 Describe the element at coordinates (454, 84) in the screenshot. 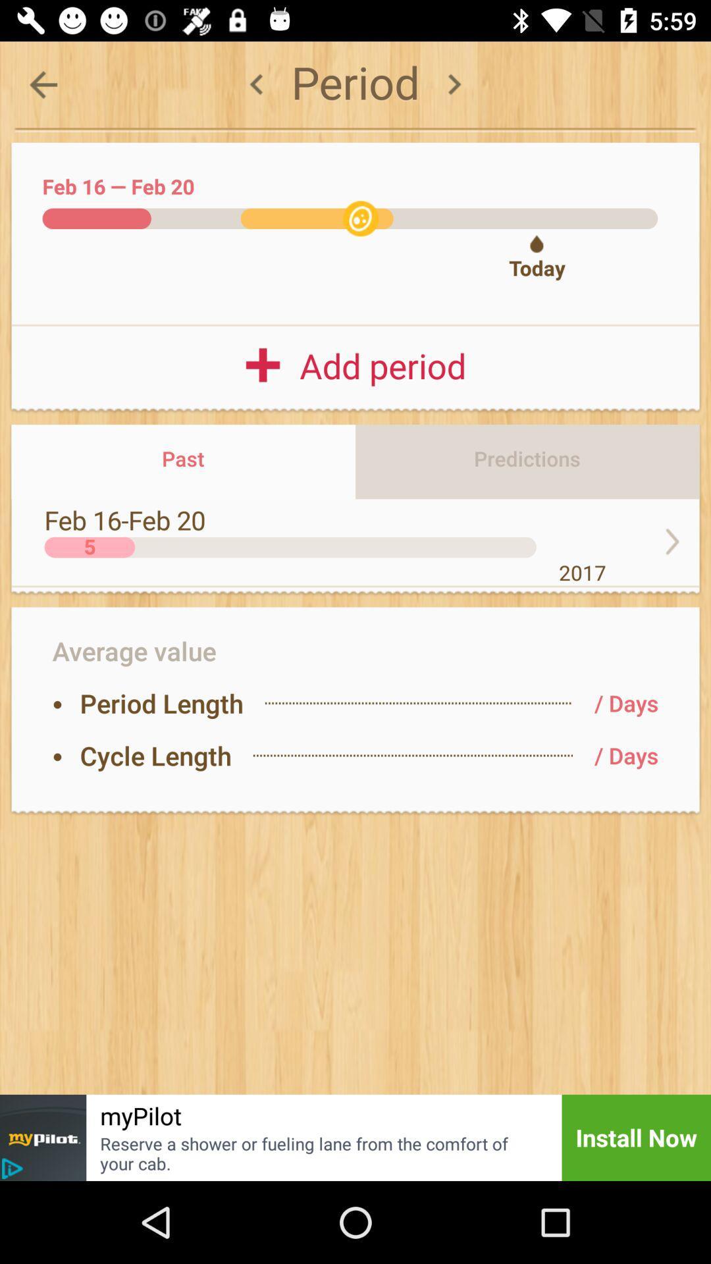

I see `the arrow_forward icon` at that location.